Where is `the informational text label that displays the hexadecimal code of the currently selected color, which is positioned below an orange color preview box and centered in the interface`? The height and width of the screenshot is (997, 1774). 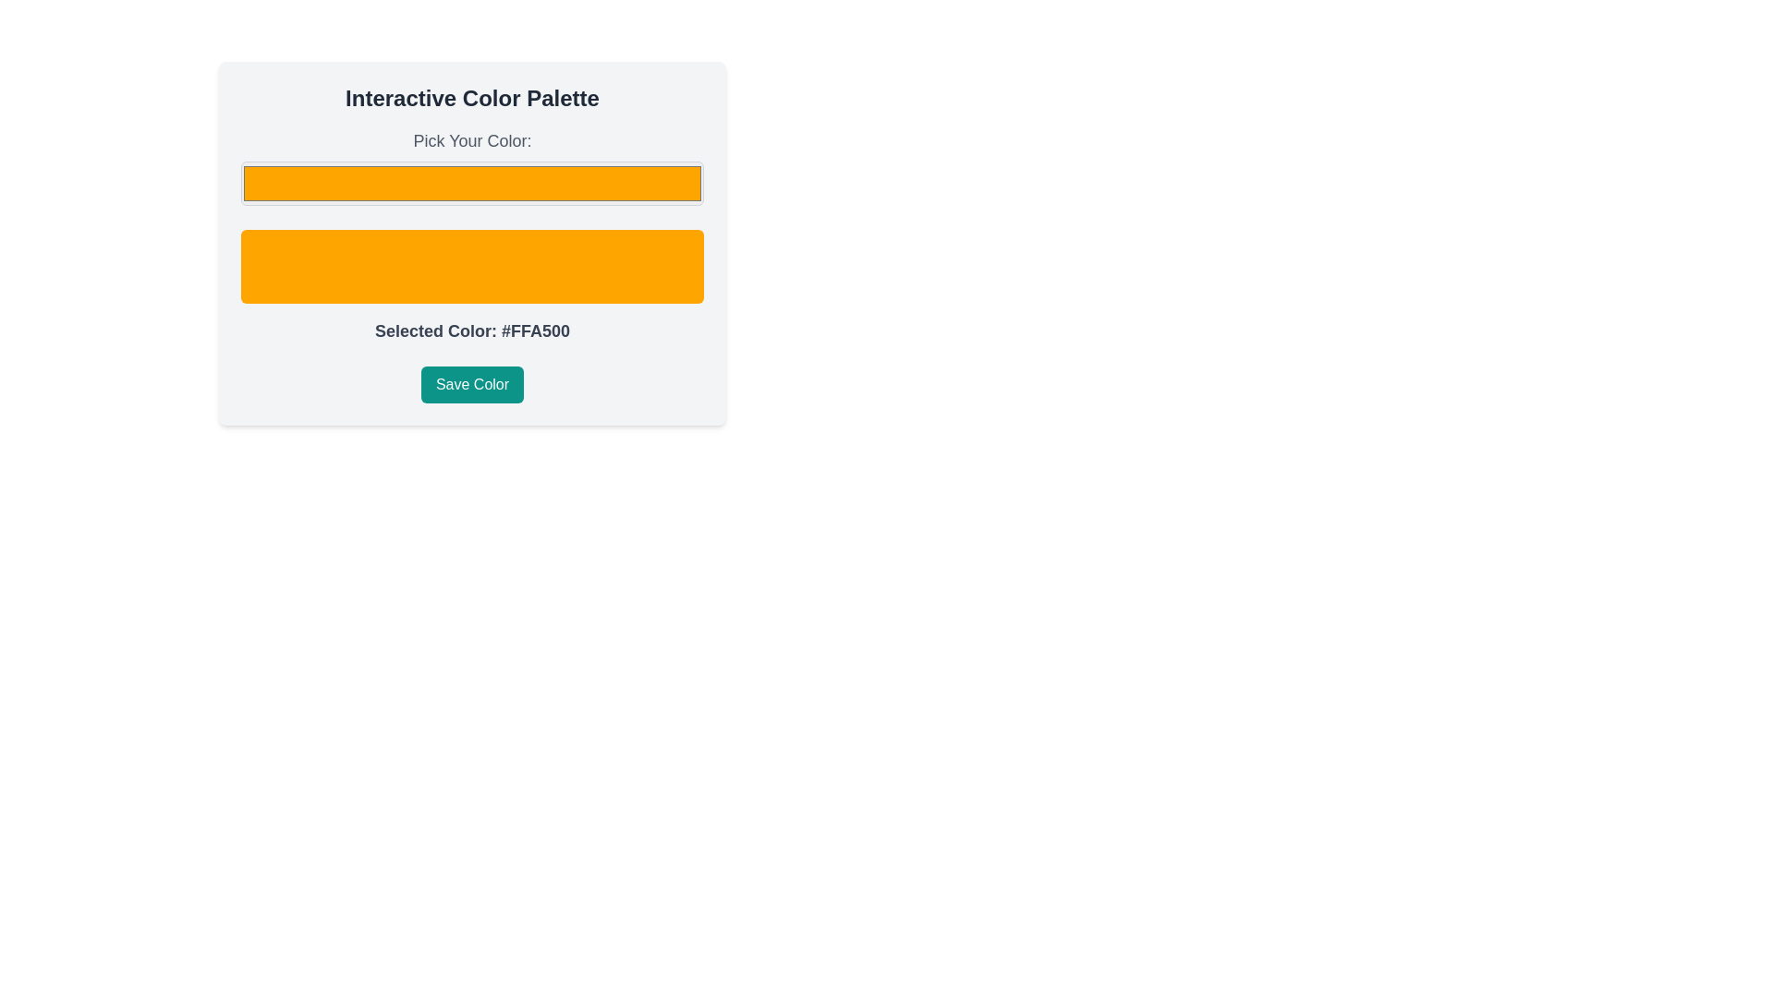 the informational text label that displays the hexadecimal code of the currently selected color, which is positioned below an orange color preview box and centered in the interface is located at coordinates (472, 330).